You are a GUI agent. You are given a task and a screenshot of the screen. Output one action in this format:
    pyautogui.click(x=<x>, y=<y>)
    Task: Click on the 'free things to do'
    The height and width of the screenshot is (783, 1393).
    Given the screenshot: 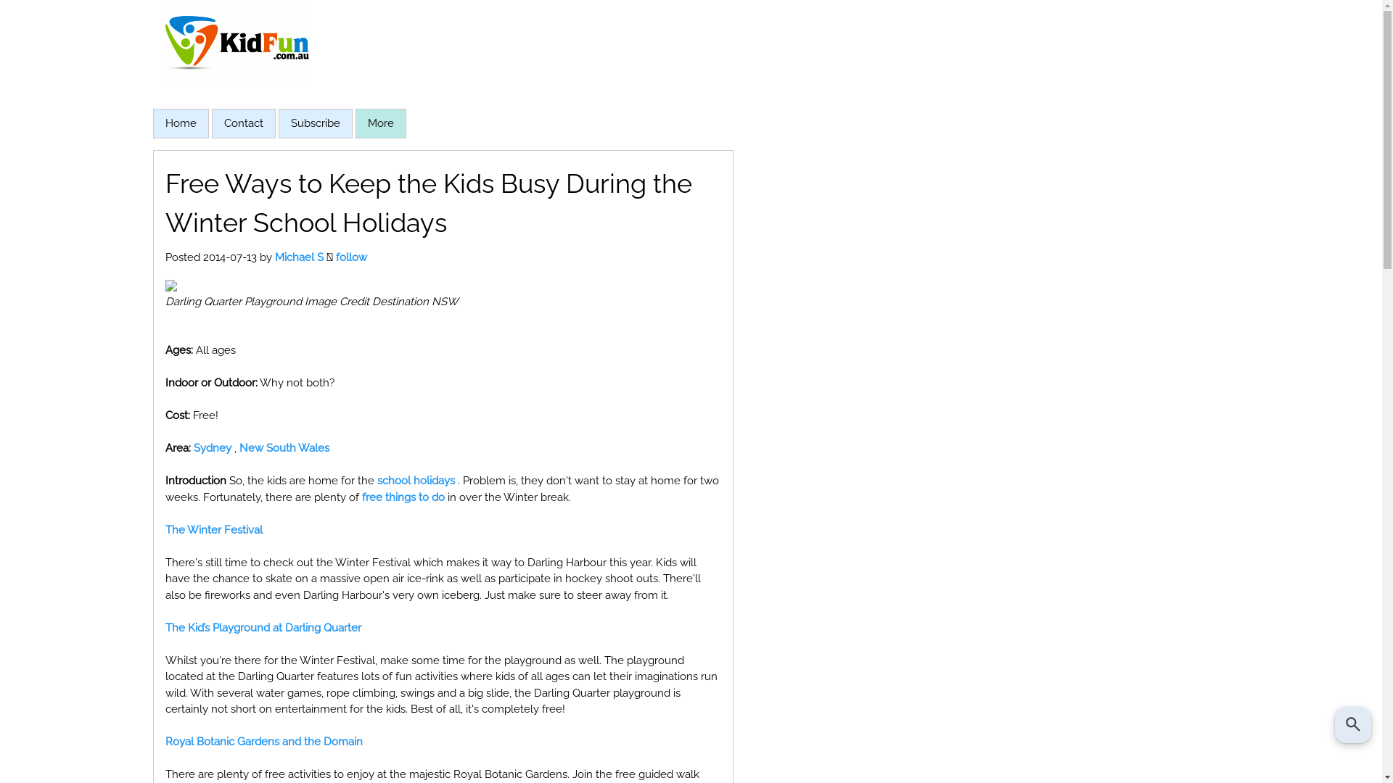 What is the action you would take?
    pyautogui.click(x=361, y=497)
    